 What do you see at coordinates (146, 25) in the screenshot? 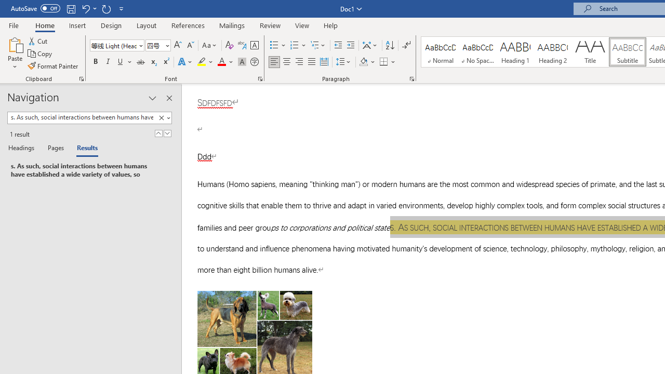
I see `'Layout'` at bounding box center [146, 25].